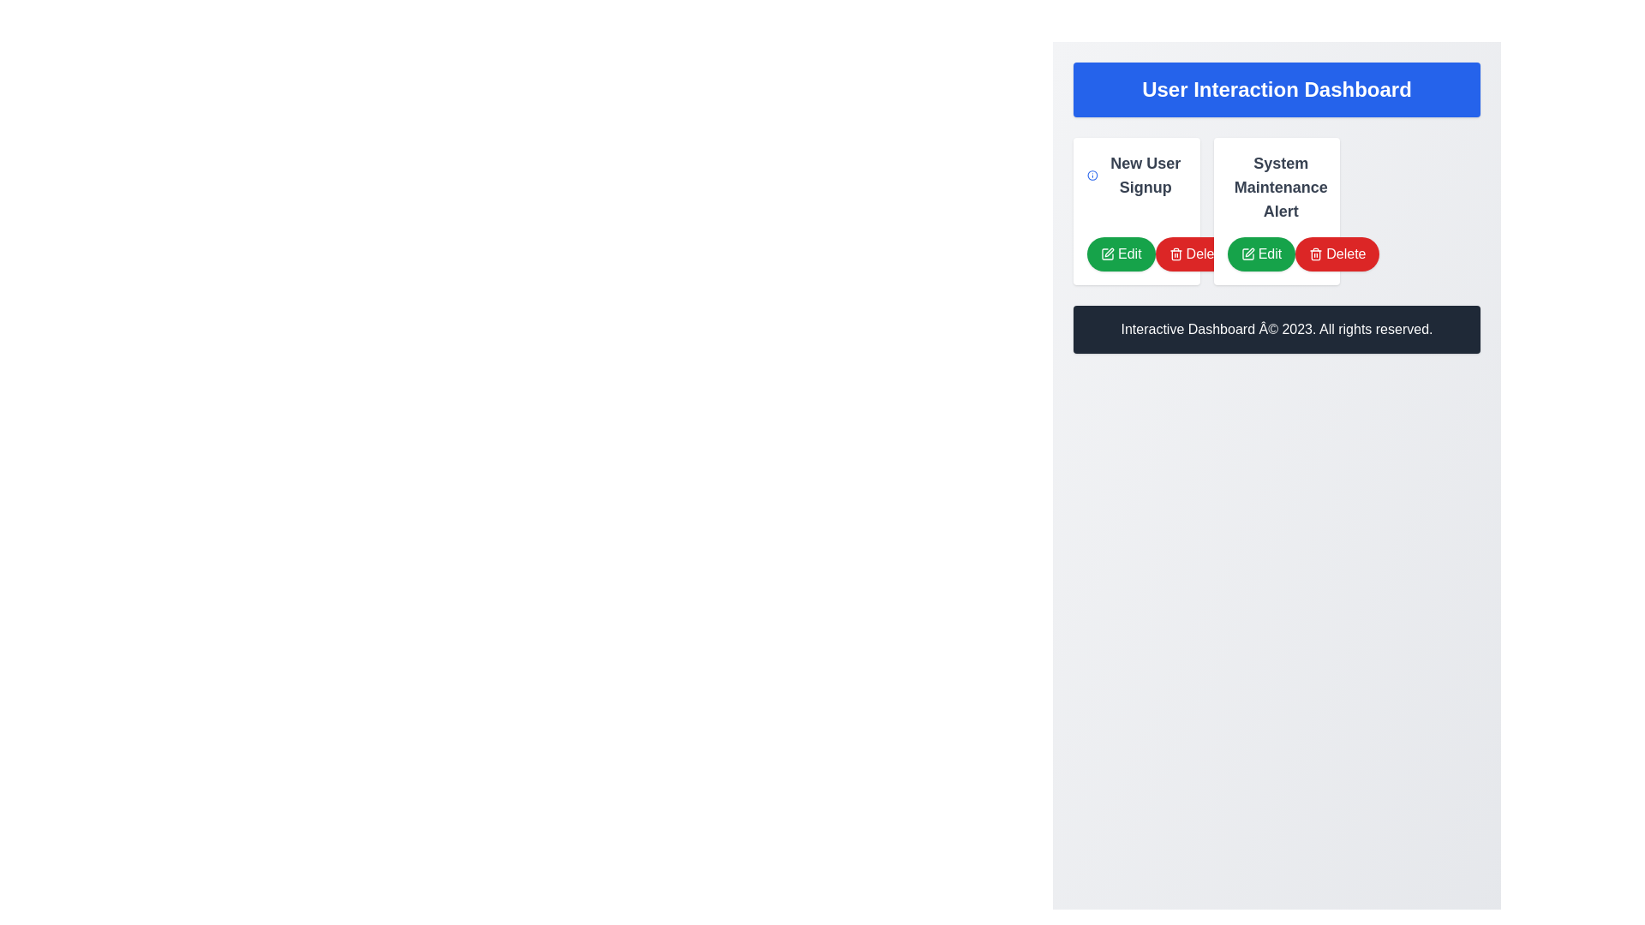  I want to click on the decorative SVG trash can icon, which represents the delete action and is located to the left of the 'Delete' text in the red button of the right card, so click(1175, 255).